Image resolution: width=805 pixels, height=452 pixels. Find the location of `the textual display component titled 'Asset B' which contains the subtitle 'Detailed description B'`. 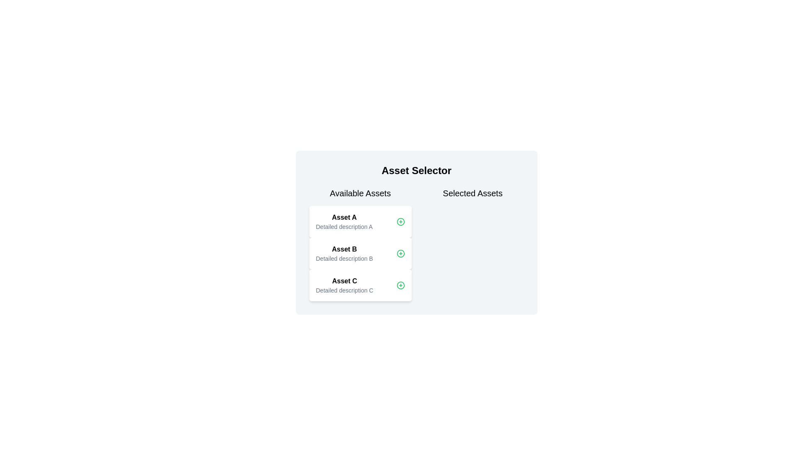

the textual display component titled 'Asset B' which contains the subtitle 'Detailed description B' is located at coordinates (344, 253).